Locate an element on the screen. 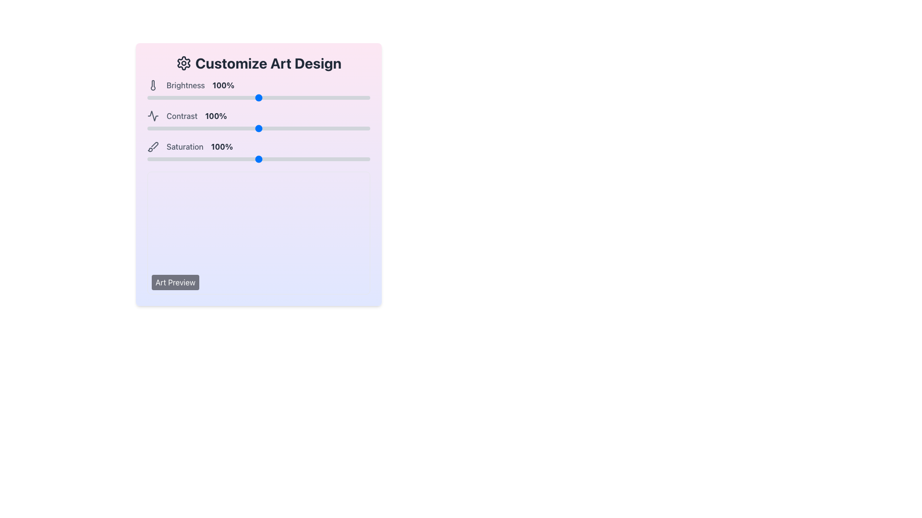 This screenshot has width=922, height=518. the contrast level is located at coordinates (352, 128).